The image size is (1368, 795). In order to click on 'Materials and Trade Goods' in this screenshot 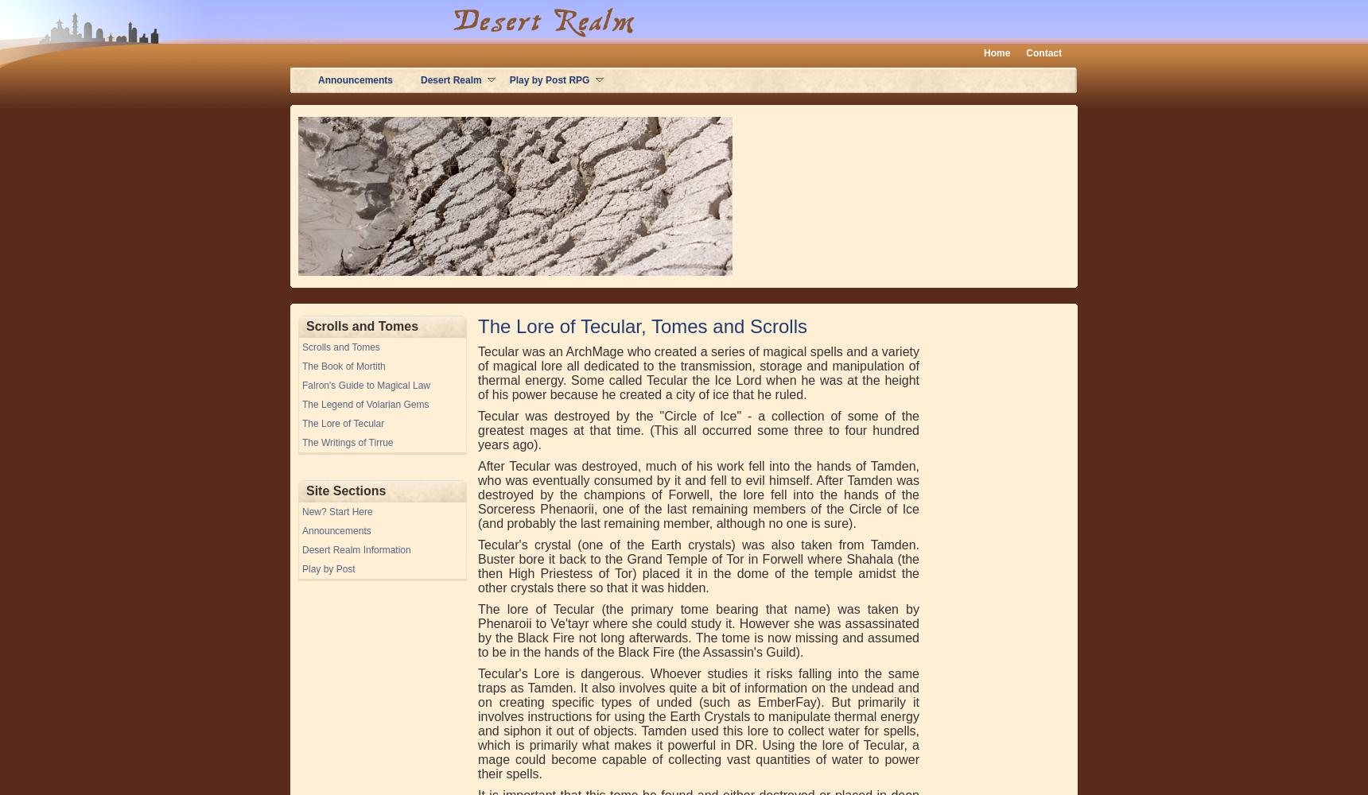, I will do `click(369, 231)`.